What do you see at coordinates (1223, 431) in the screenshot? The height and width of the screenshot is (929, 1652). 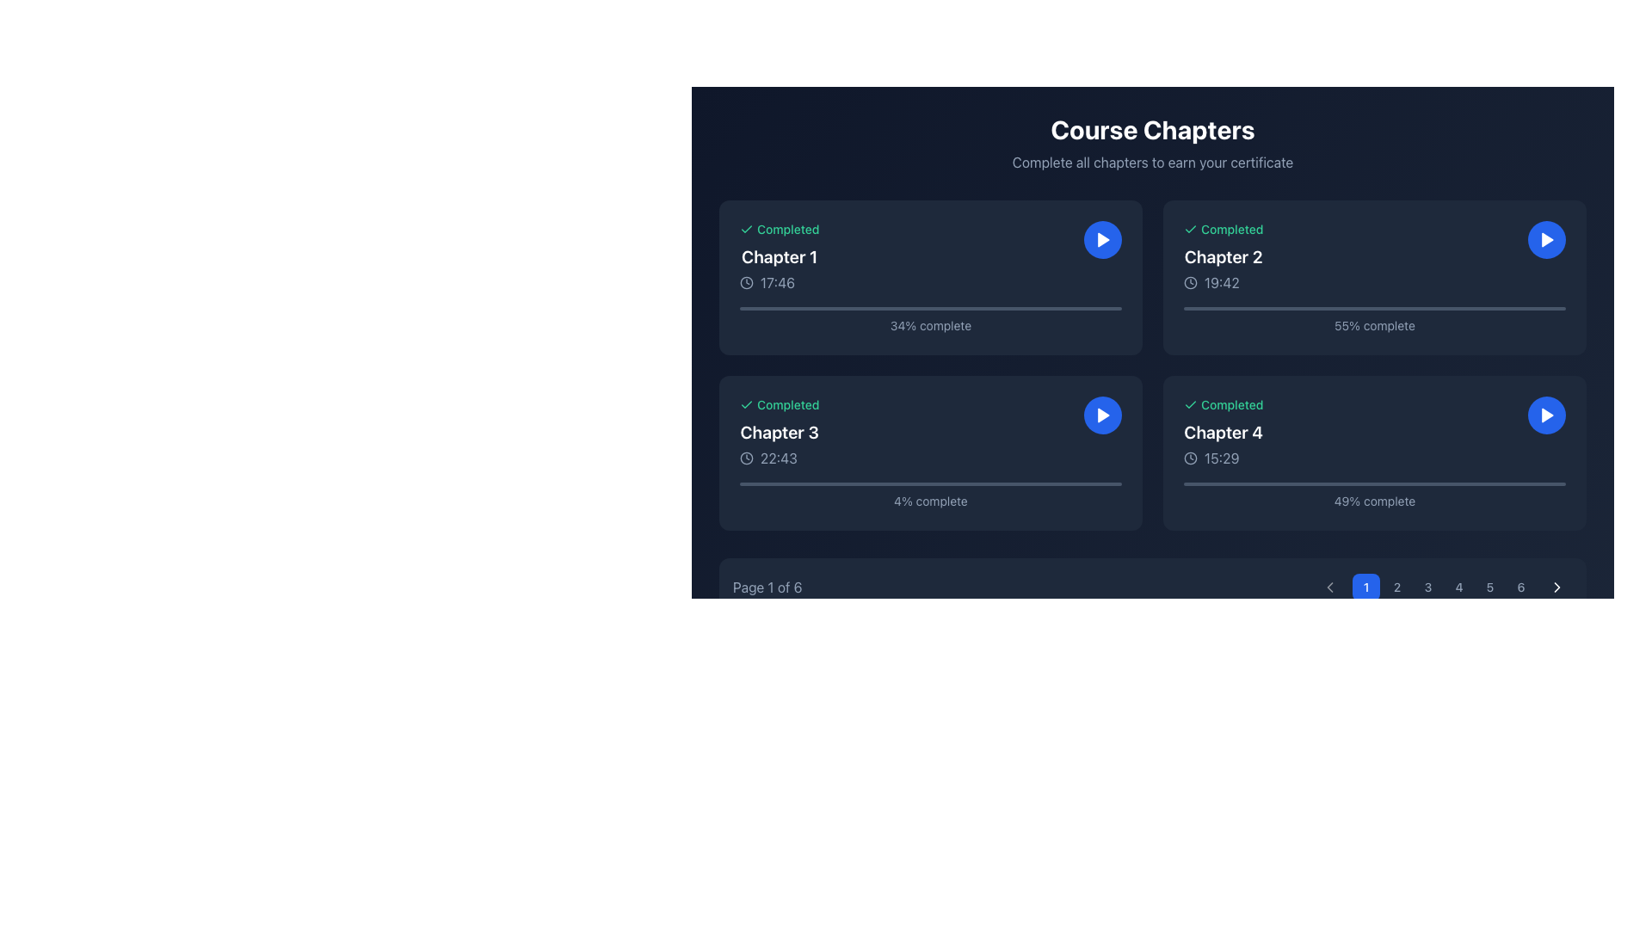 I see `the static text label indicating the title for the fourth chapter of the course, located in the bottom-right corner of the four-panel grid layout, between 'Completed' and the time indicator '15:29'` at bounding box center [1223, 431].